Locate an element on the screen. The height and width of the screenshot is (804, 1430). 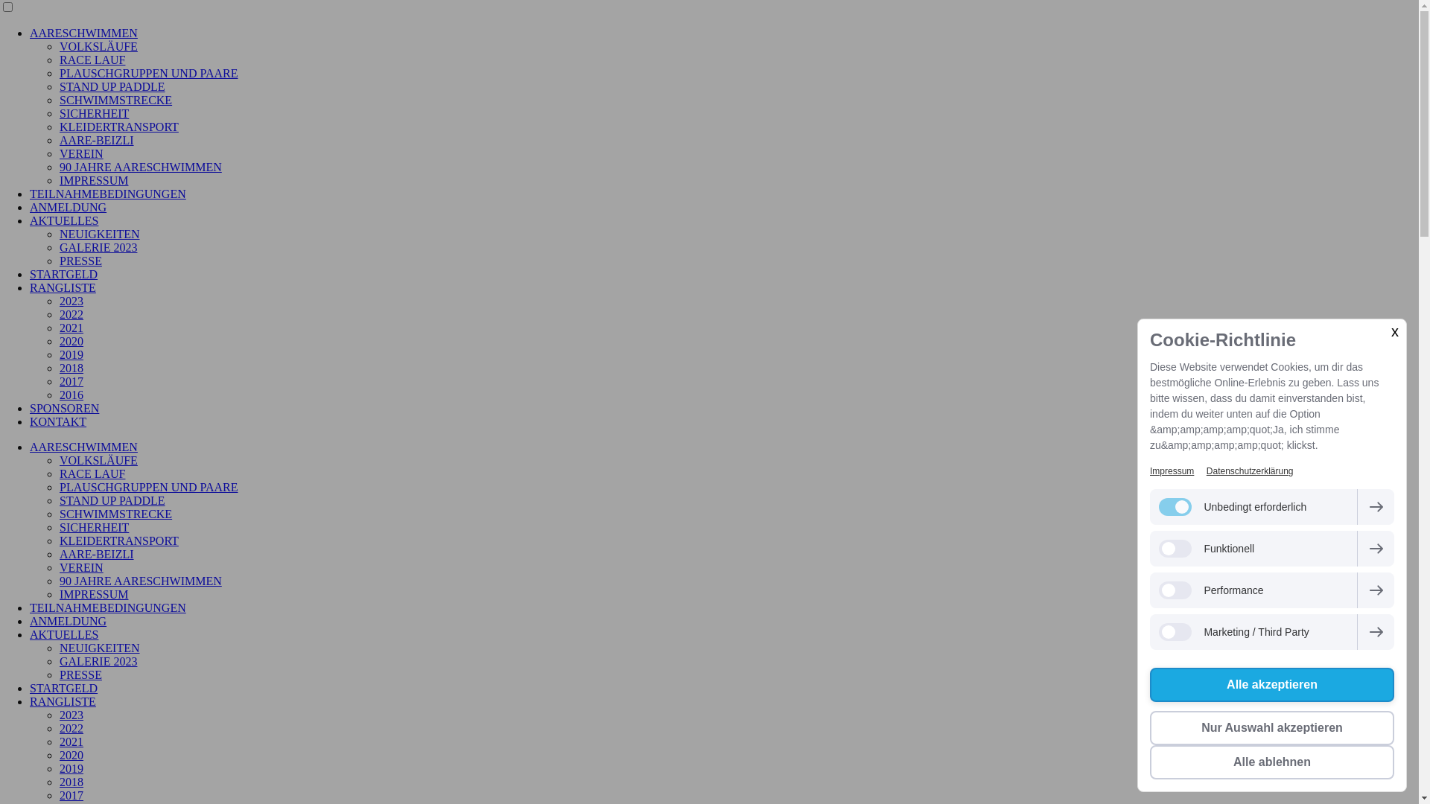
'90 JAHRE AARESCHWIMMEN' is located at coordinates (140, 580).